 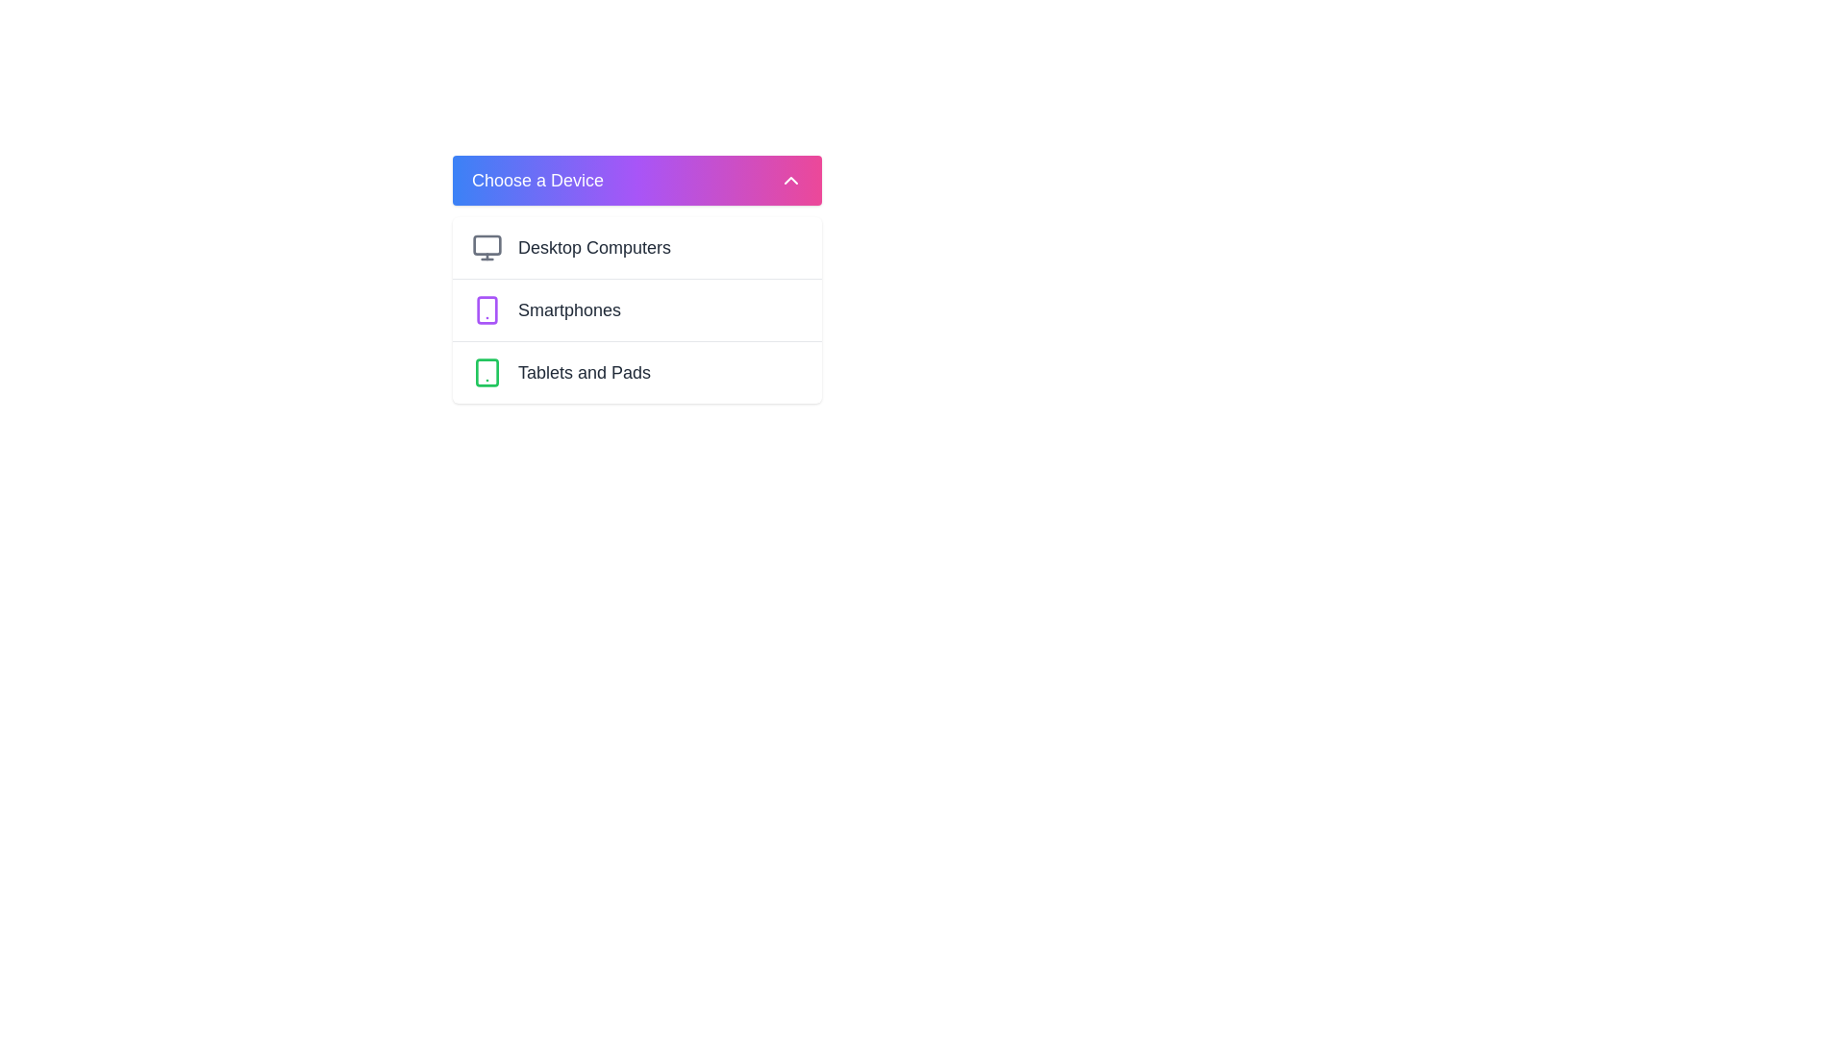 I want to click on the purple smartphone icon, which is located to the left of the text label 'Smartphones' in the second group of the menu, so click(x=487, y=309).